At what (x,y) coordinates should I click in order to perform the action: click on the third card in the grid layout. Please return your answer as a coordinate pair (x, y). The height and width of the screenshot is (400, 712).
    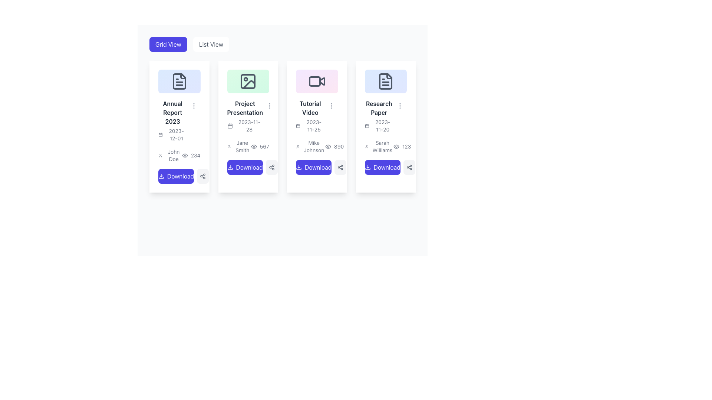
    Looking at the image, I should click on (317, 126).